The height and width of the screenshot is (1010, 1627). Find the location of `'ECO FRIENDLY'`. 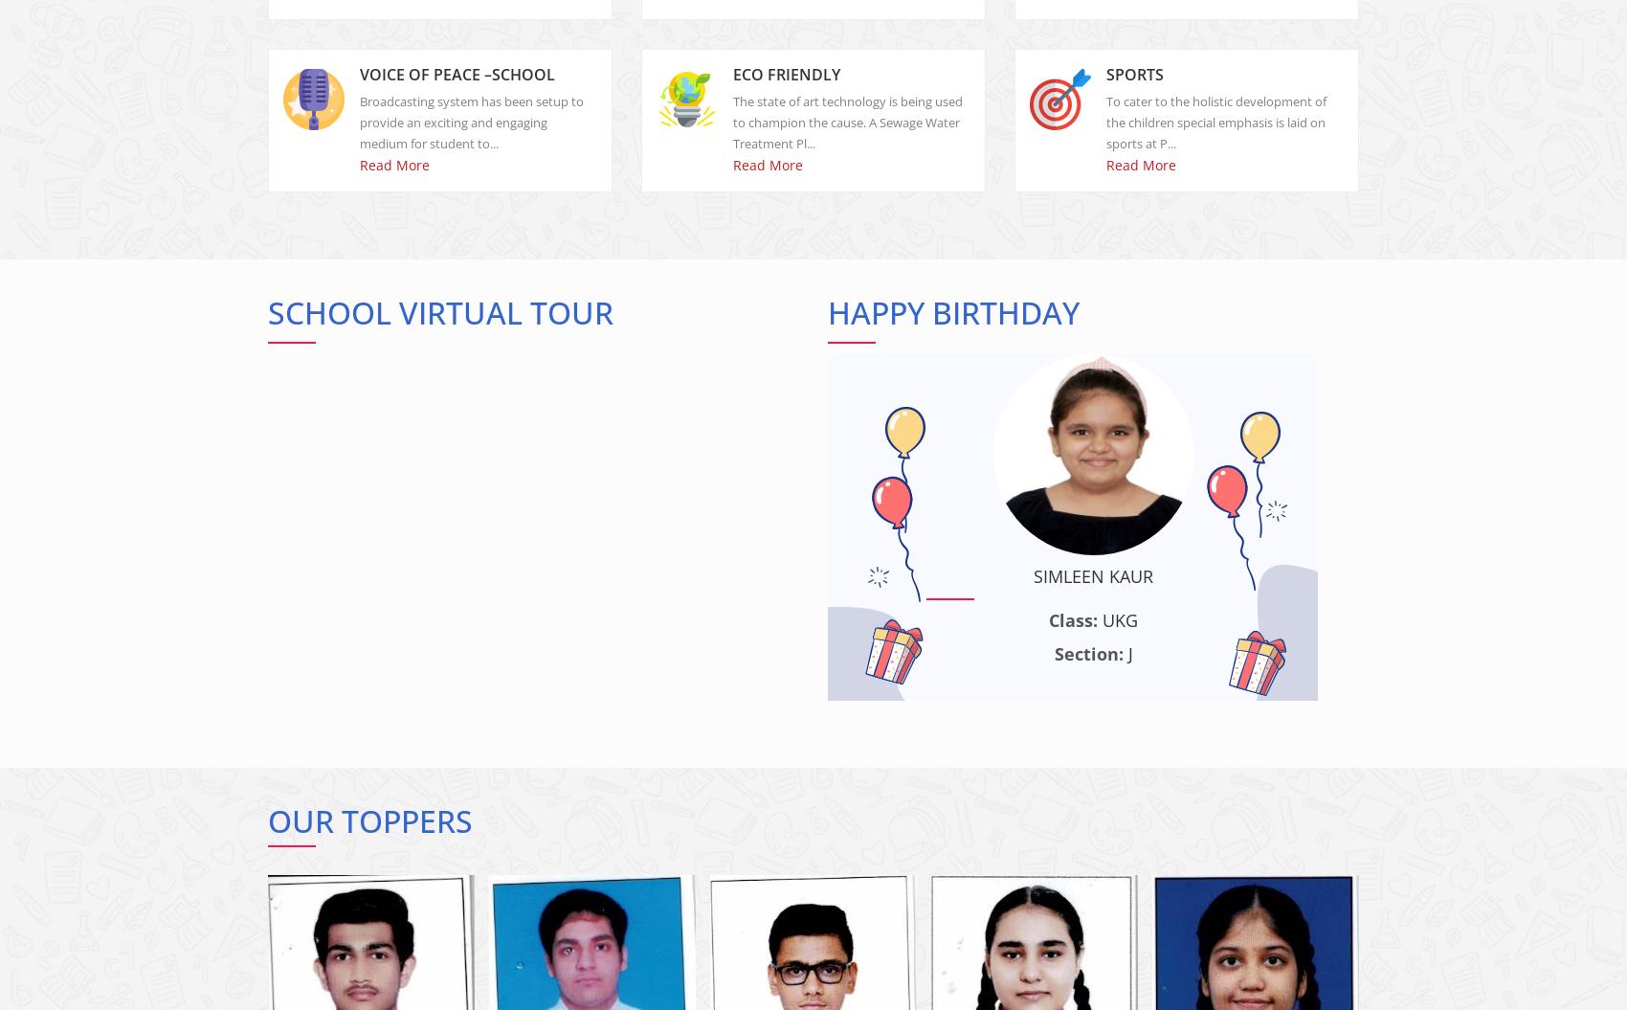

'ECO FRIENDLY' is located at coordinates (785, 89).